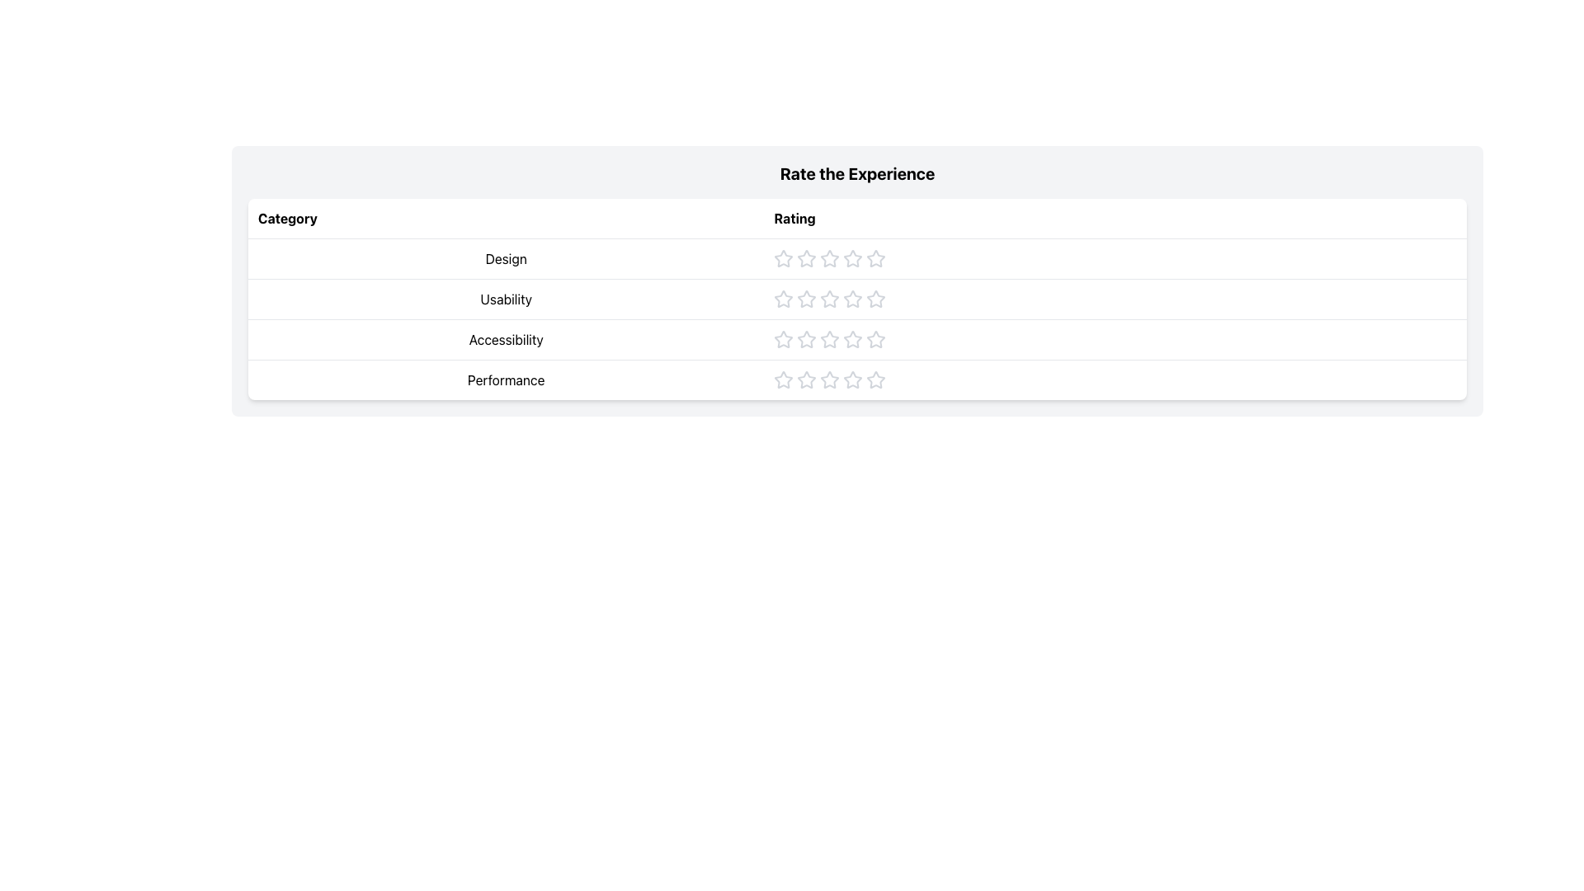 The height and width of the screenshot is (891, 1584). What do you see at coordinates (505, 379) in the screenshot?
I see `the text label displaying 'Performance' located in the fourth row of the 'Category' column in a table` at bounding box center [505, 379].